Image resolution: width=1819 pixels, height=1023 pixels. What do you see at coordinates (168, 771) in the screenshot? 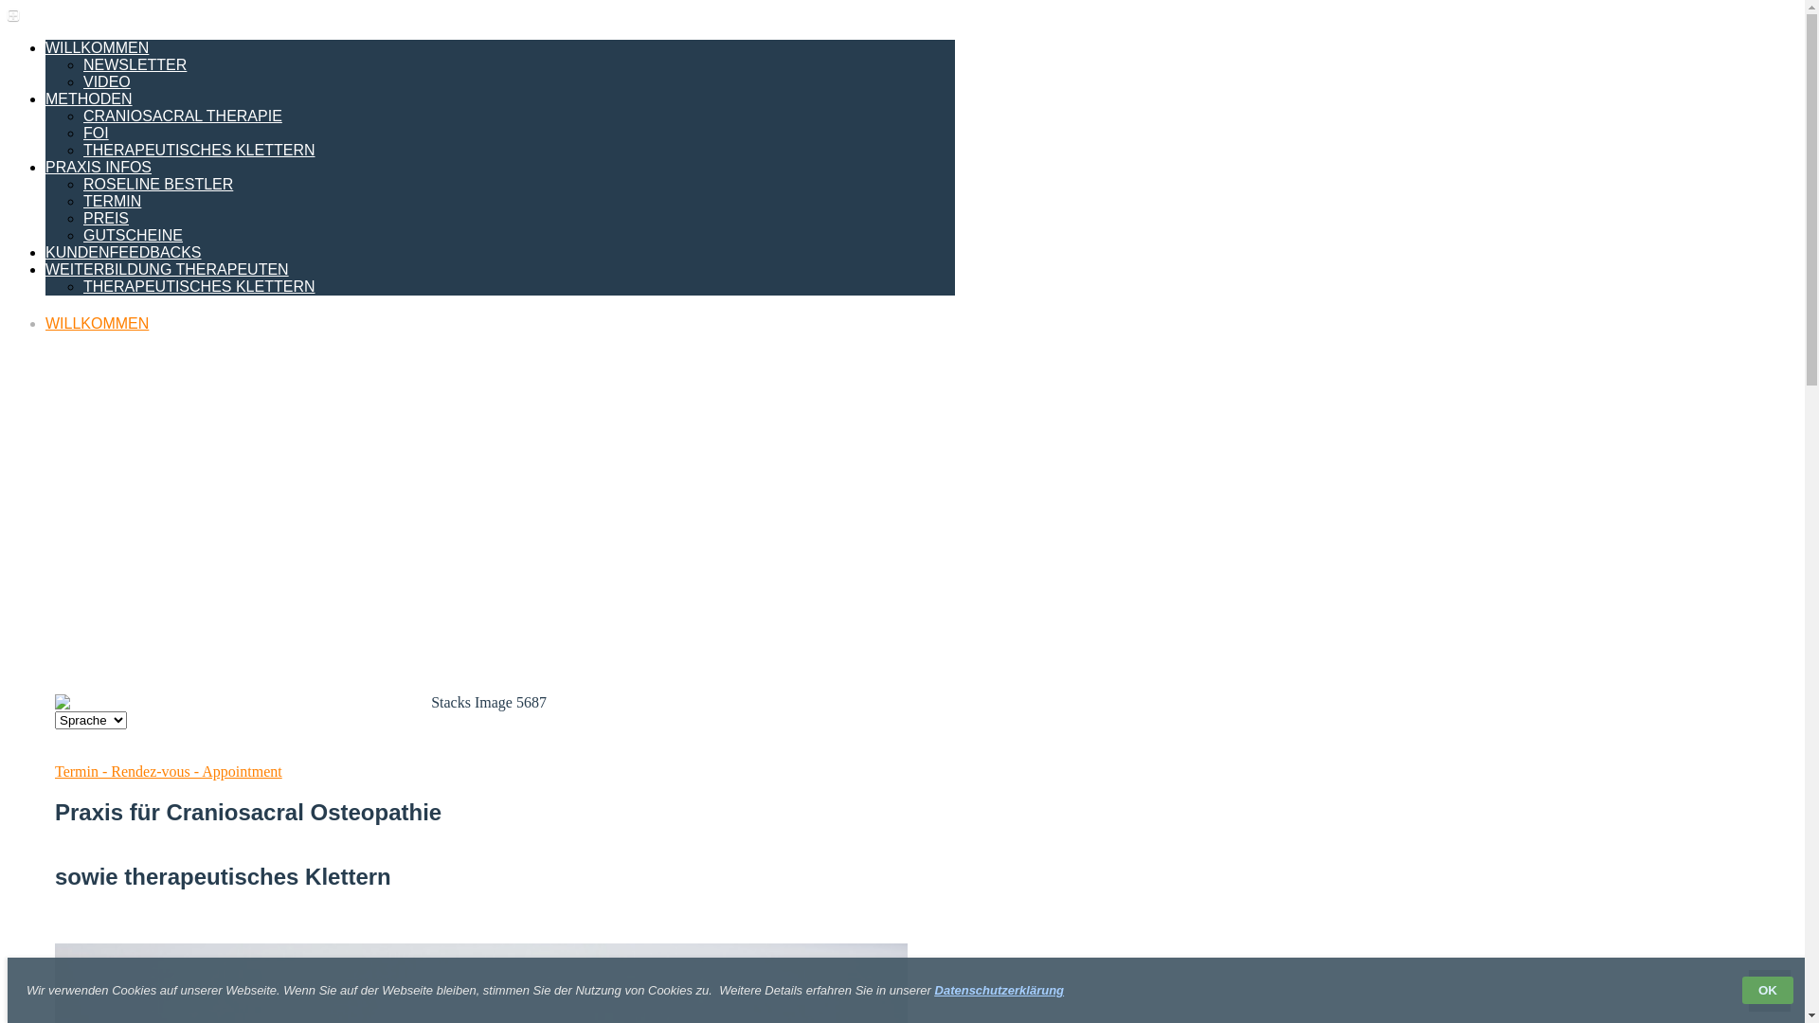
I see `'Termin - Rendez-vous - Appointment'` at bounding box center [168, 771].